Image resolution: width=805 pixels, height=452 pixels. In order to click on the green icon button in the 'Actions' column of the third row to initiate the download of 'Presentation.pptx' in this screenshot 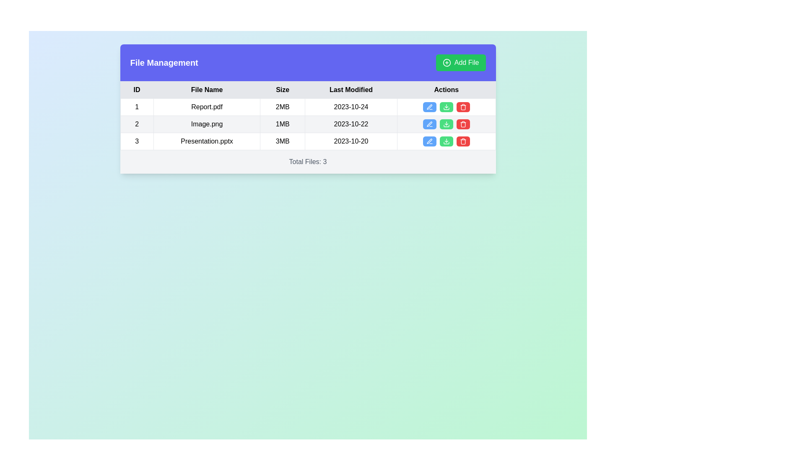, I will do `click(446, 106)`.